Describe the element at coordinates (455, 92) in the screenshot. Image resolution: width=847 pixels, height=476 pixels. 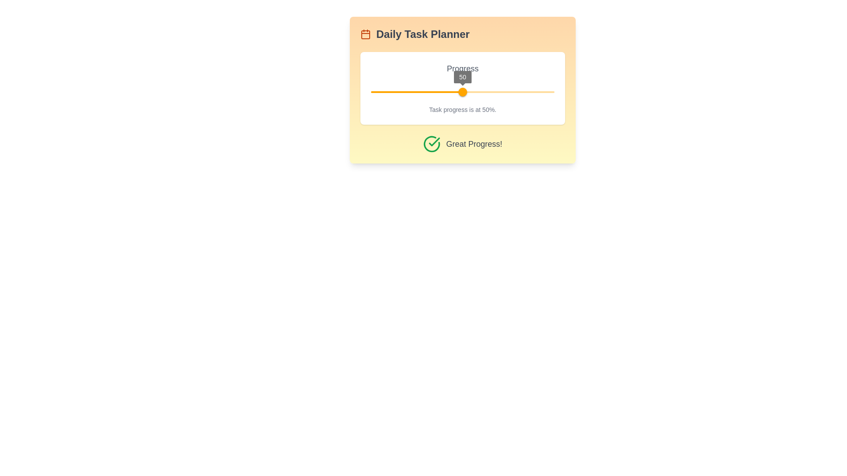
I see `the progress value` at that location.